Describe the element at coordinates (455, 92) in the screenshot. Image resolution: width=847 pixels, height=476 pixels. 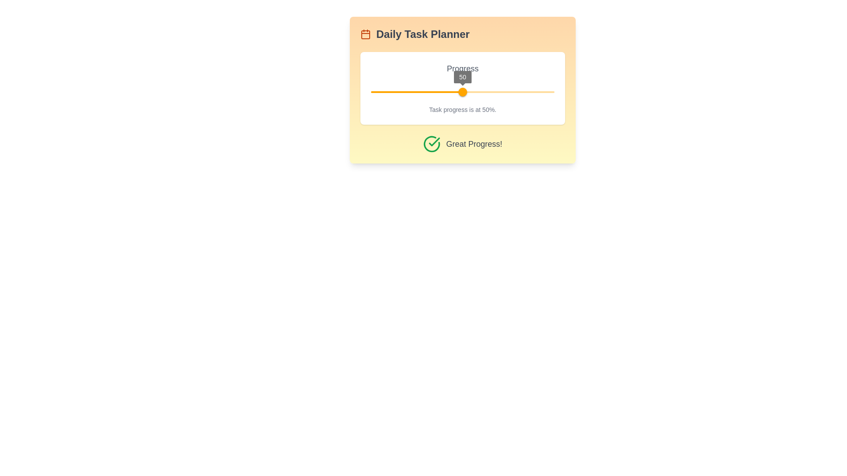
I see `the progress value` at that location.